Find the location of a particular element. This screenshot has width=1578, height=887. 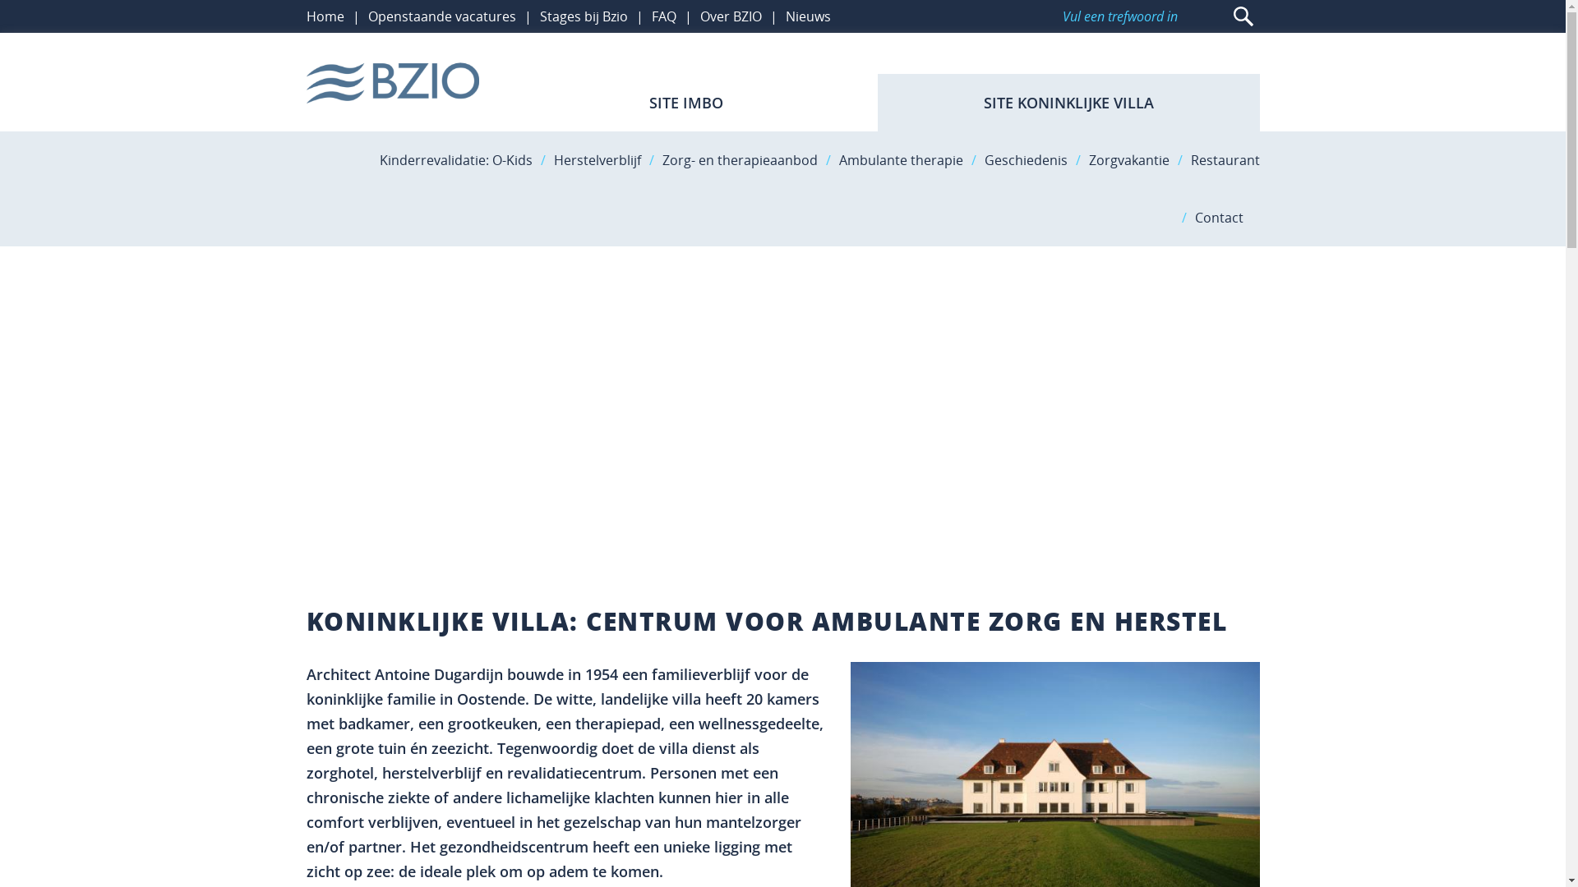

'Kinderrevalidatie: O-Kids' is located at coordinates (456, 160).